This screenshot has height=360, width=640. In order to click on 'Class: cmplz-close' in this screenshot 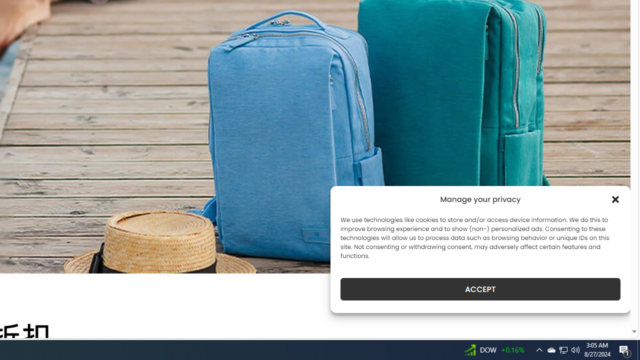, I will do `click(615, 199)`.